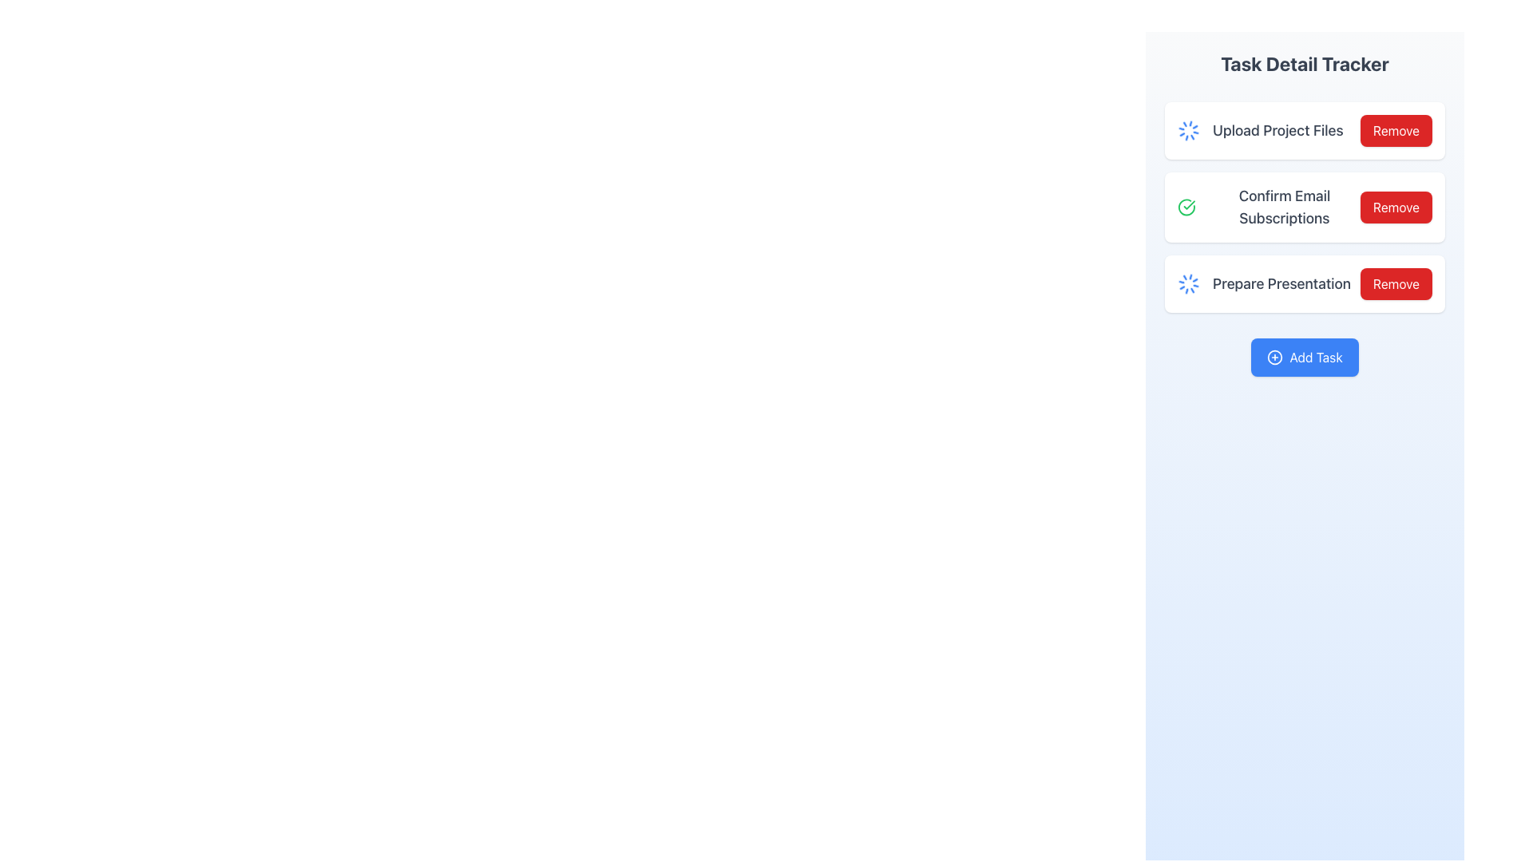 The image size is (1533, 862). What do you see at coordinates (1305, 283) in the screenshot?
I see `task name and status of the task titled 'Prepare Presentation', which is the third item in a vertically stacked list of tasks` at bounding box center [1305, 283].